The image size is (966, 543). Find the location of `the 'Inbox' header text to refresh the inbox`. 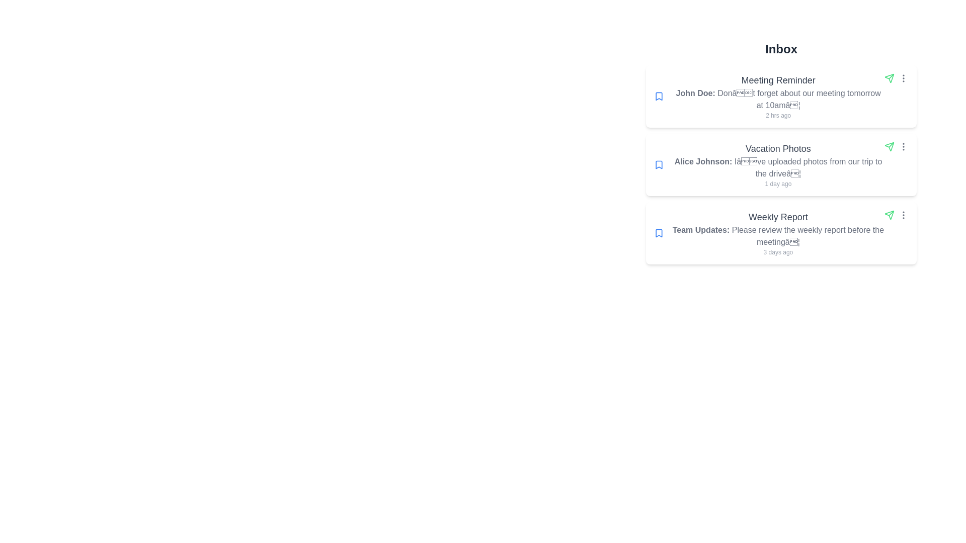

the 'Inbox' header text to refresh the inbox is located at coordinates (781, 49).